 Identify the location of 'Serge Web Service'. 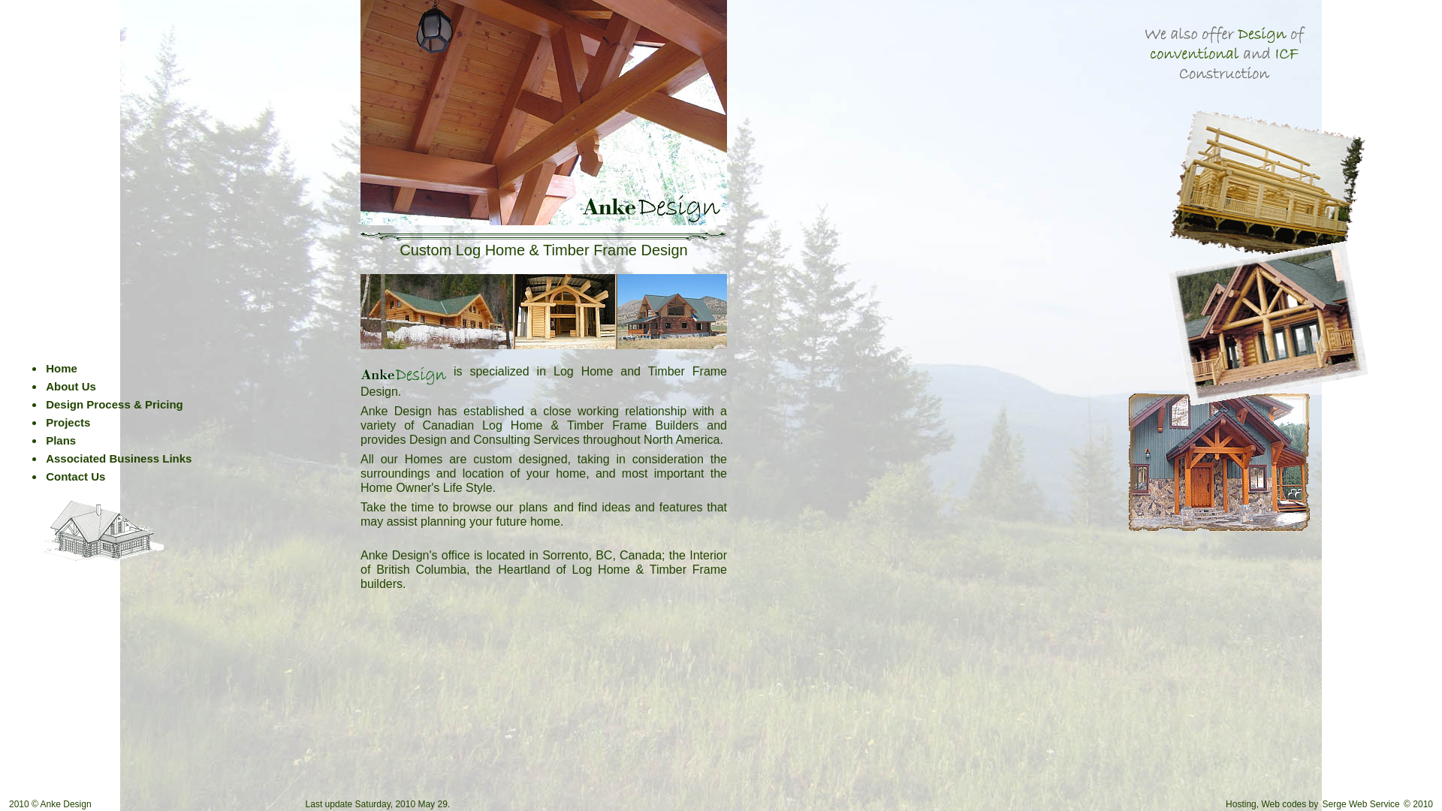
(1320, 803).